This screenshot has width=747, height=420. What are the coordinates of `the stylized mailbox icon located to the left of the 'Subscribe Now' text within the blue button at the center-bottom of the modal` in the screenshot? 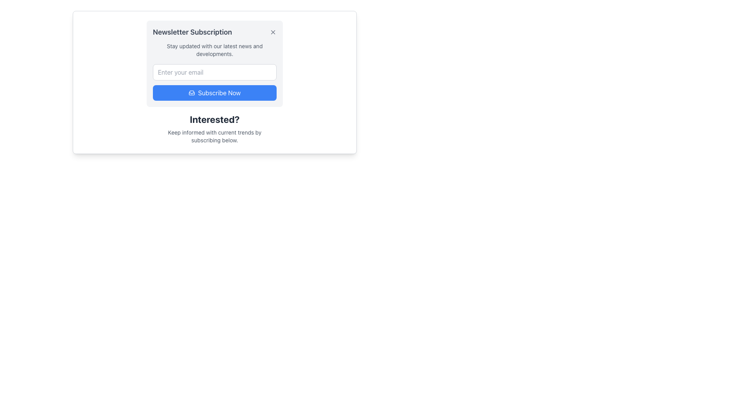 It's located at (192, 93).